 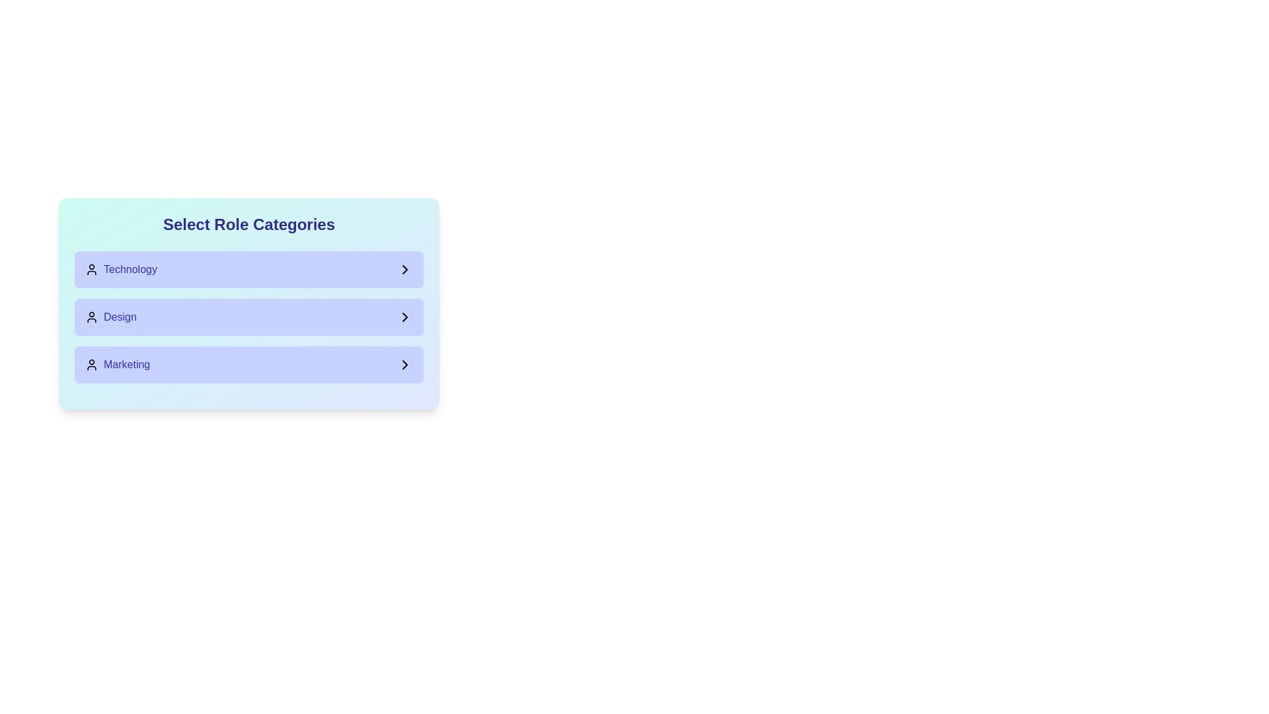 I want to click on the right-facing chevron icon located at the far-right end of the 'Technology' button, so click(x=404, y=269).